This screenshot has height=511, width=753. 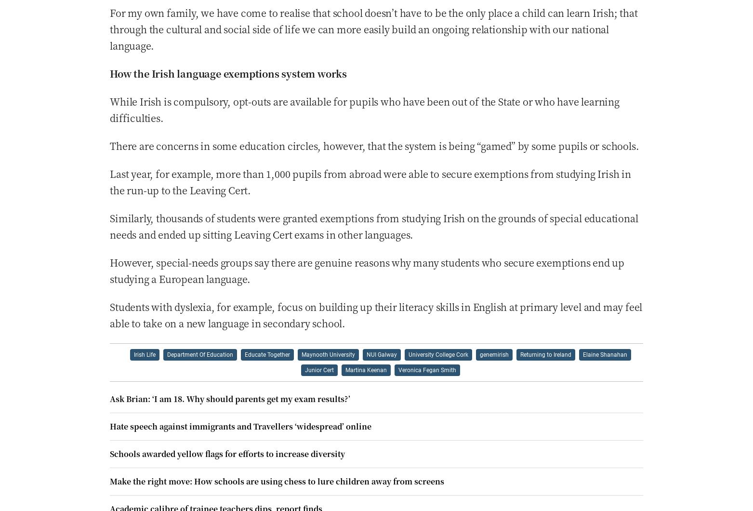 I want to click on 'Hate speech against immigrants and Travellers ‘widespread’ online', so click(x=240, y=426).